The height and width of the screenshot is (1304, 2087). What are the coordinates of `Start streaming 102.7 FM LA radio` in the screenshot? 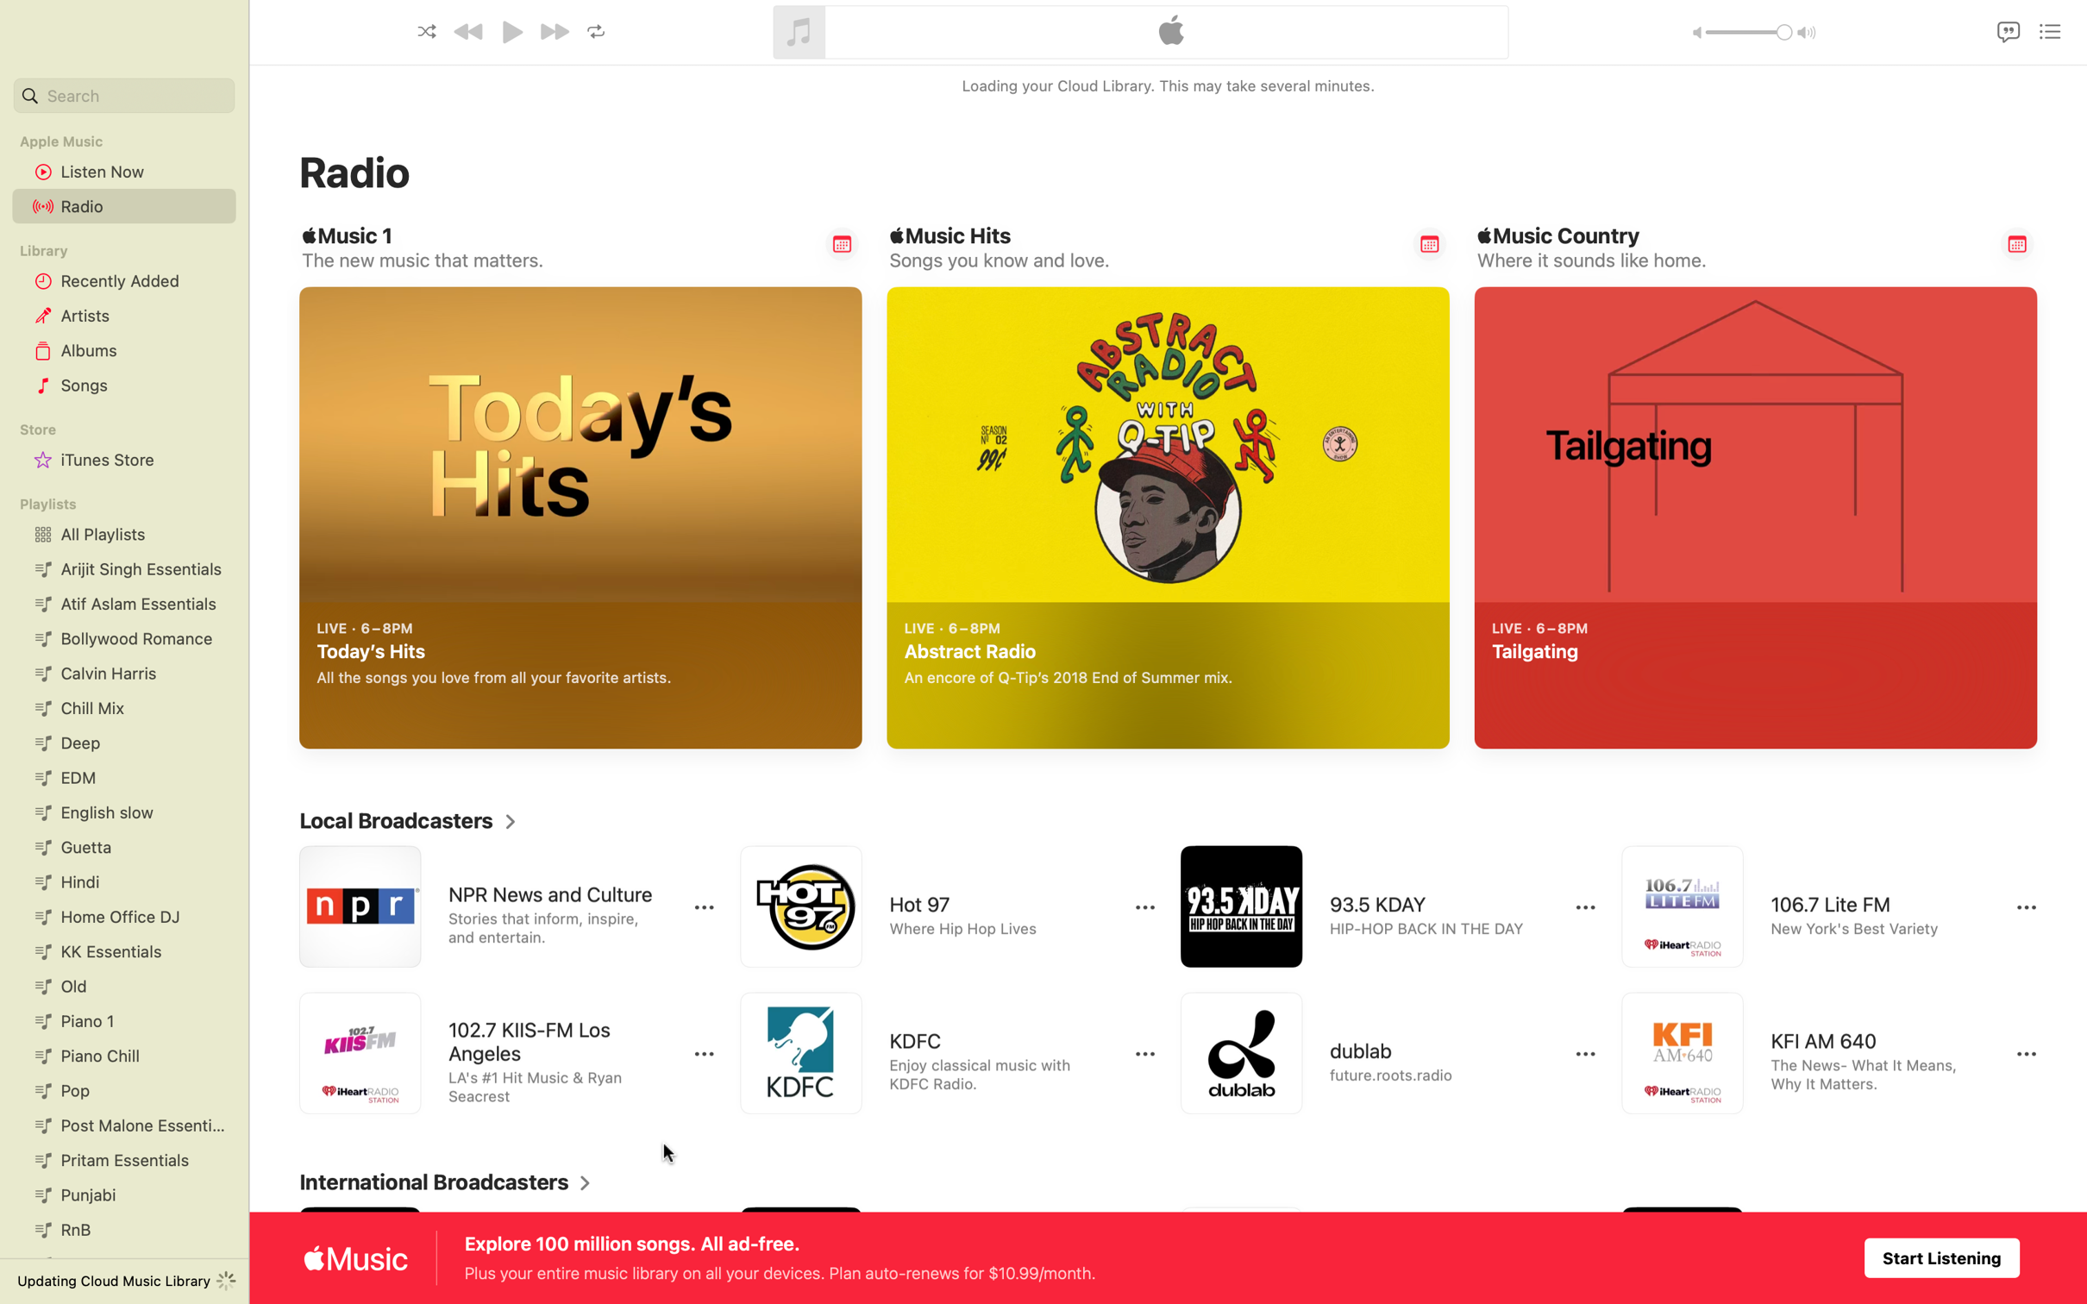 It's located at (488, 1055).